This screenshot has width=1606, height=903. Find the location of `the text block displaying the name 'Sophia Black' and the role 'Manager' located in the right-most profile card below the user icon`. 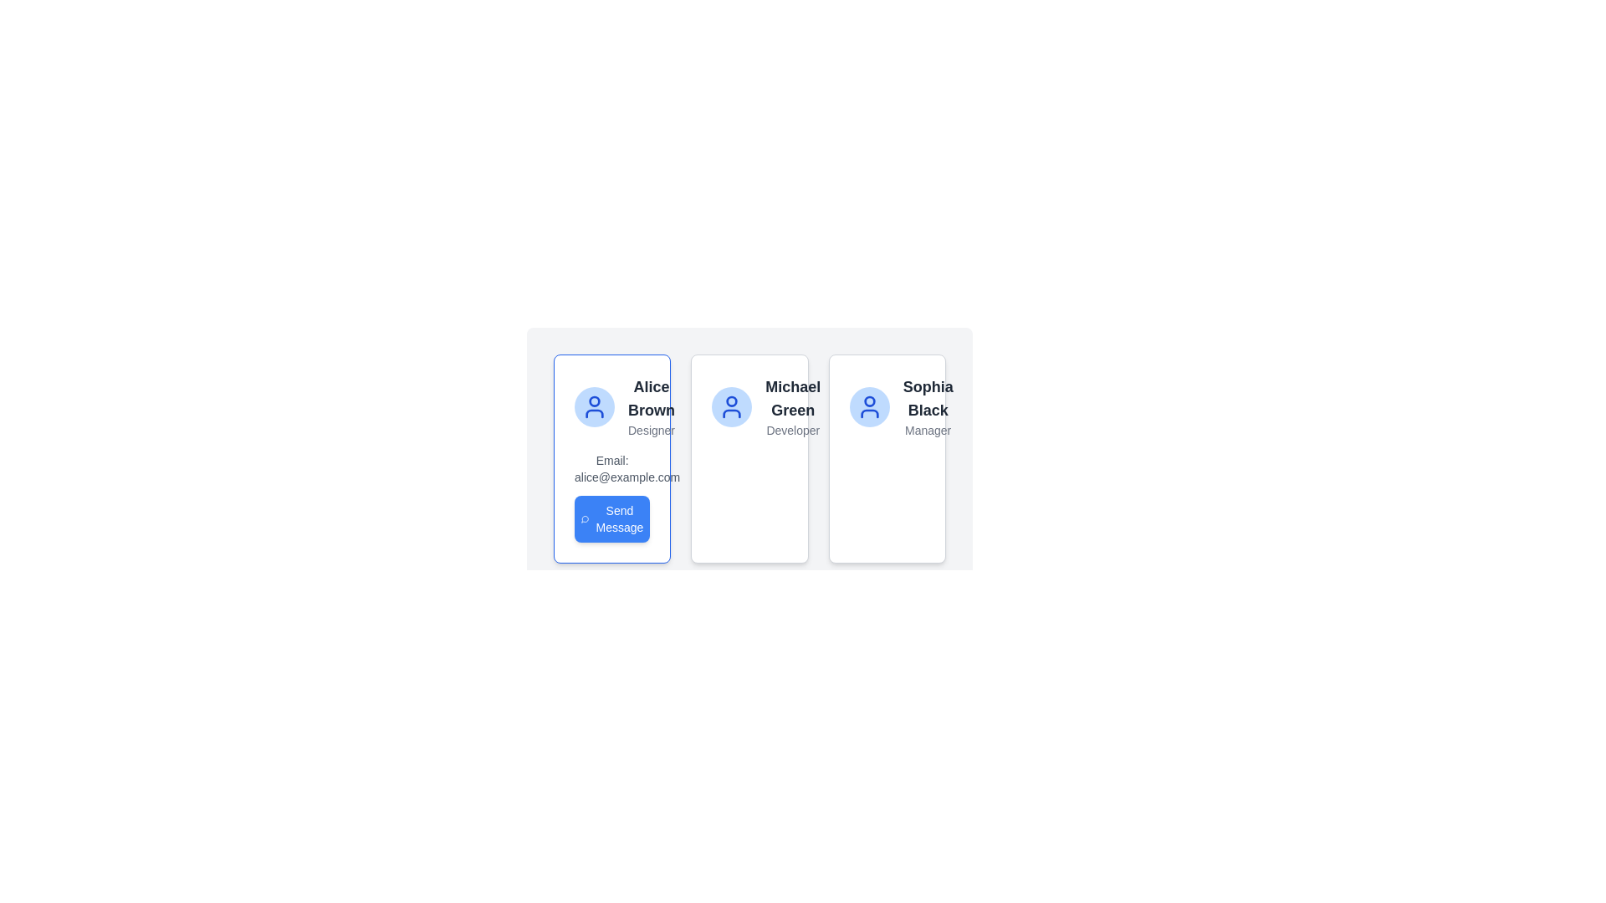

the text block displaying the name 'Sophia Black' and the role 'Manager' located in the right-most profile card below the user icon is located at coordinates (927, 406).